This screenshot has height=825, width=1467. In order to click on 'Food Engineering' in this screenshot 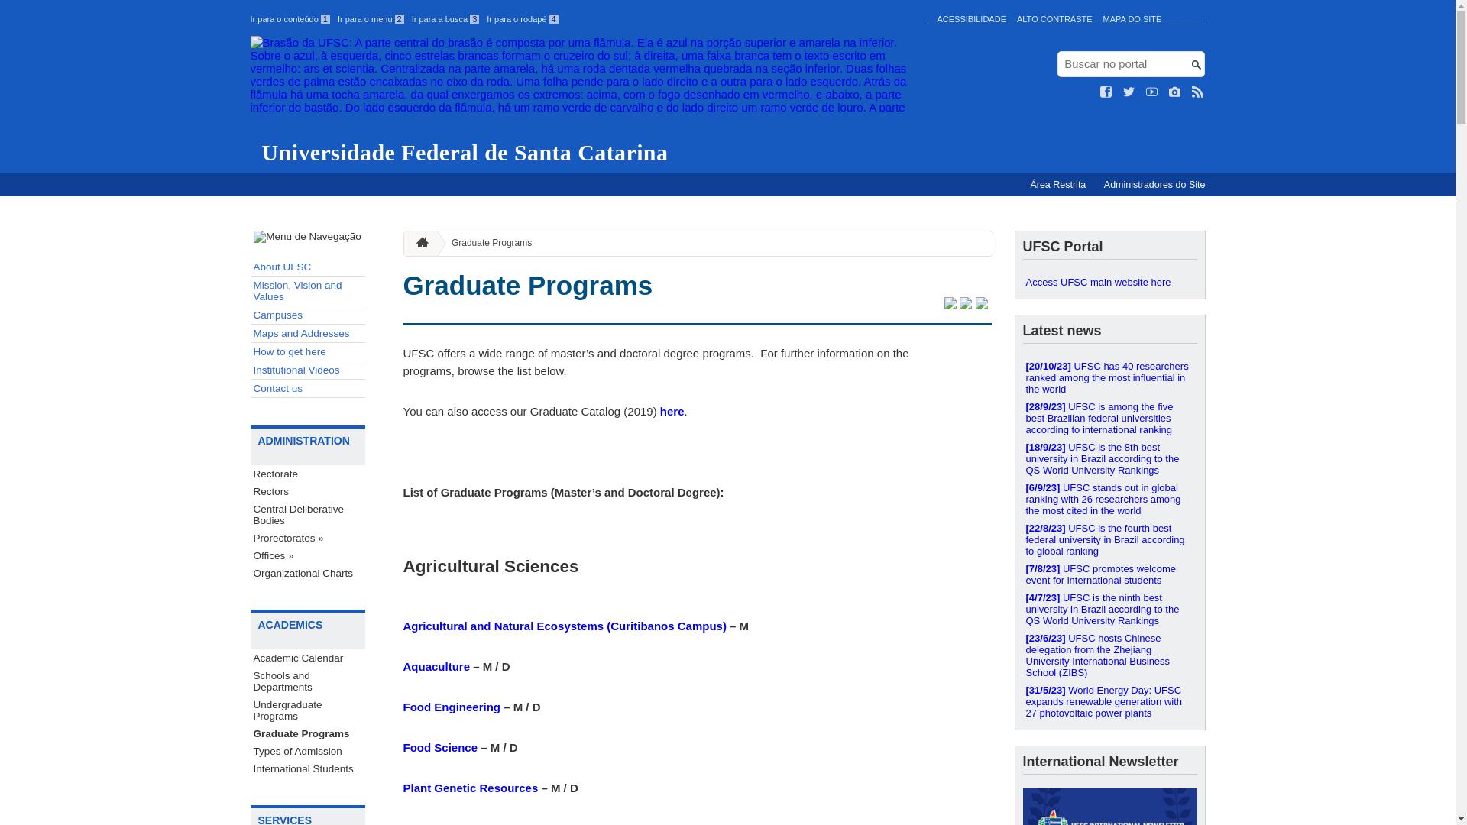, I will do `click(451, 707)`.